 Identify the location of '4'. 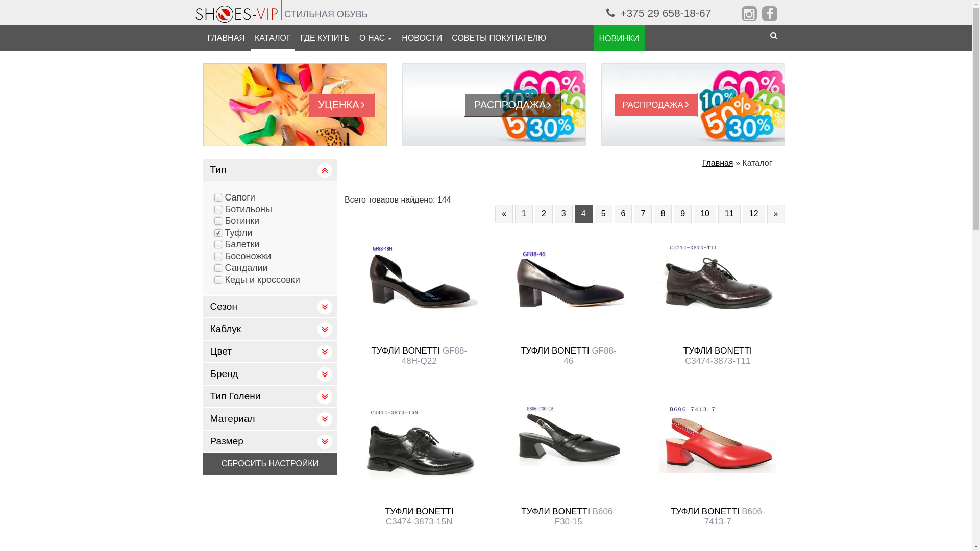
(583, 213).